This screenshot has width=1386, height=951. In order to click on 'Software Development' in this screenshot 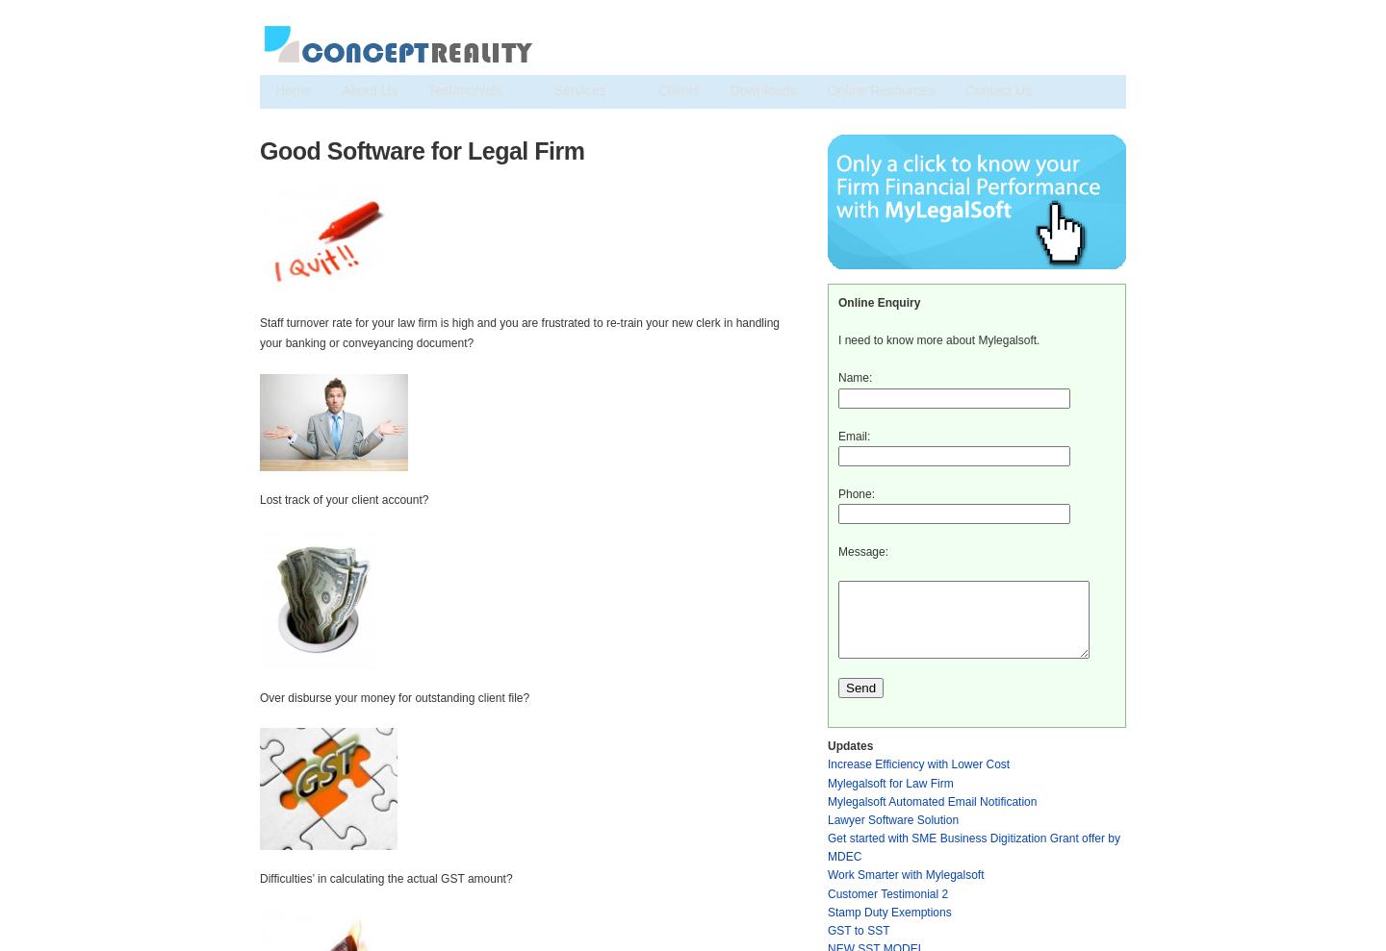, I will do `click(332, 156)`.